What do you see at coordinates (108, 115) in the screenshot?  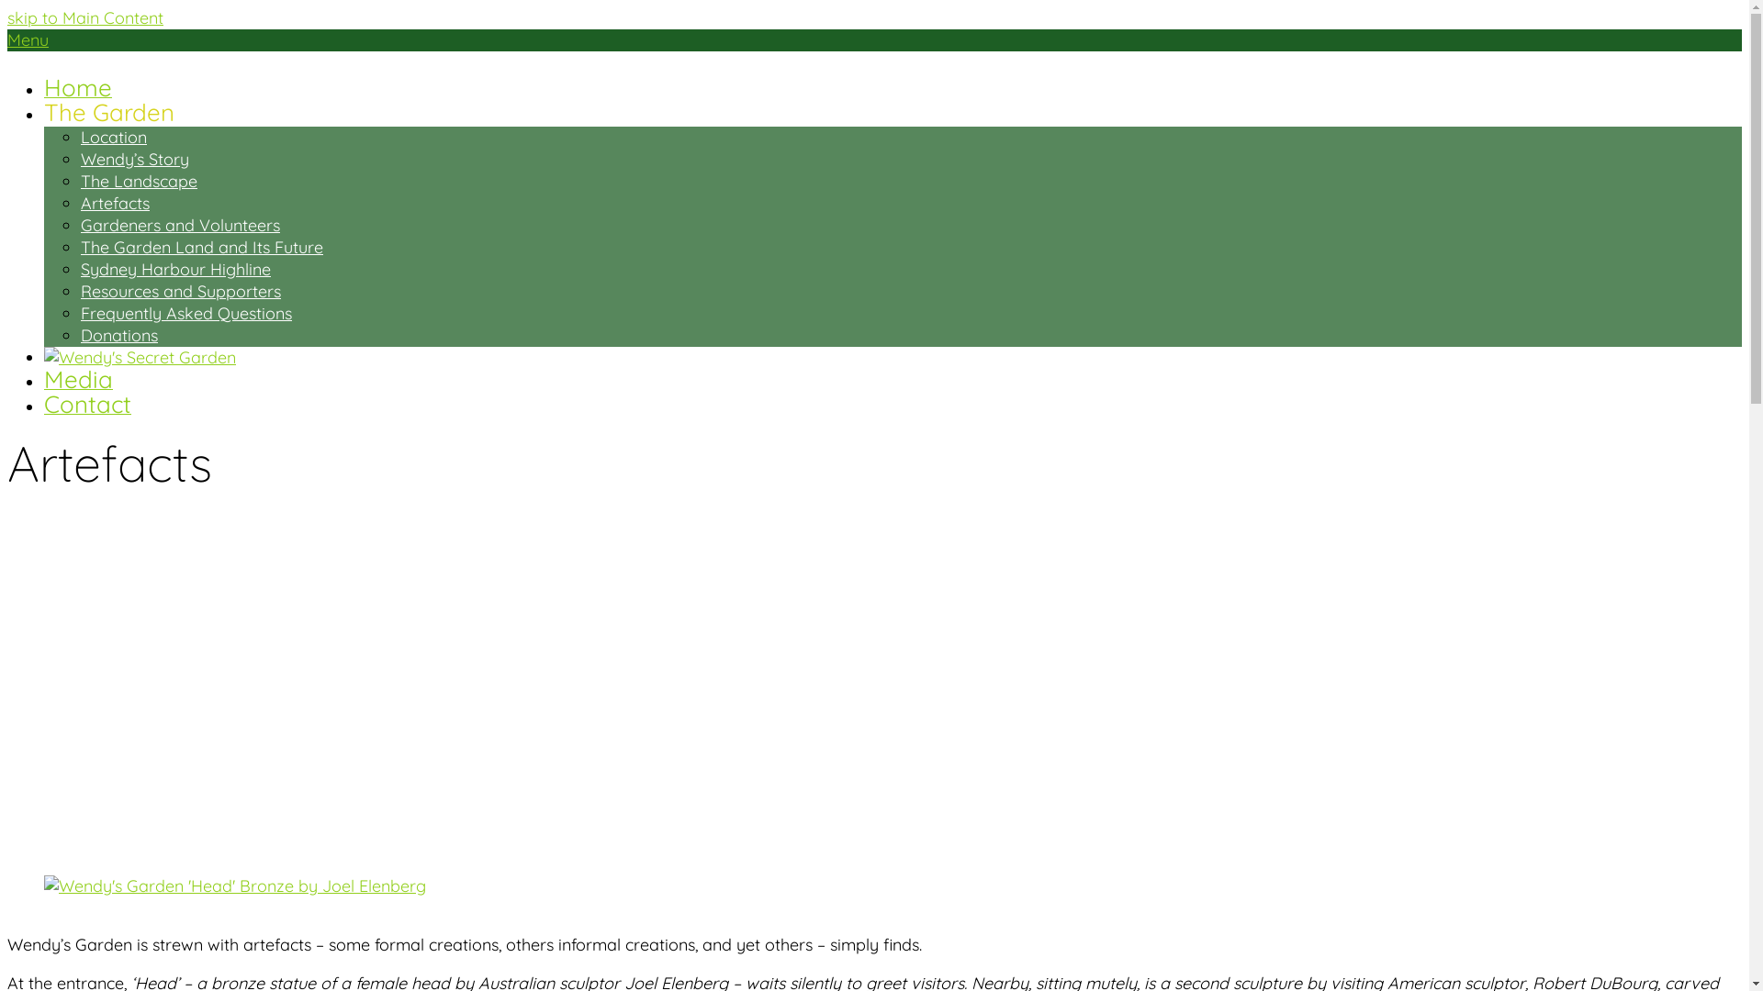 I see `'The Garden'` at bounding box center [108, 115].